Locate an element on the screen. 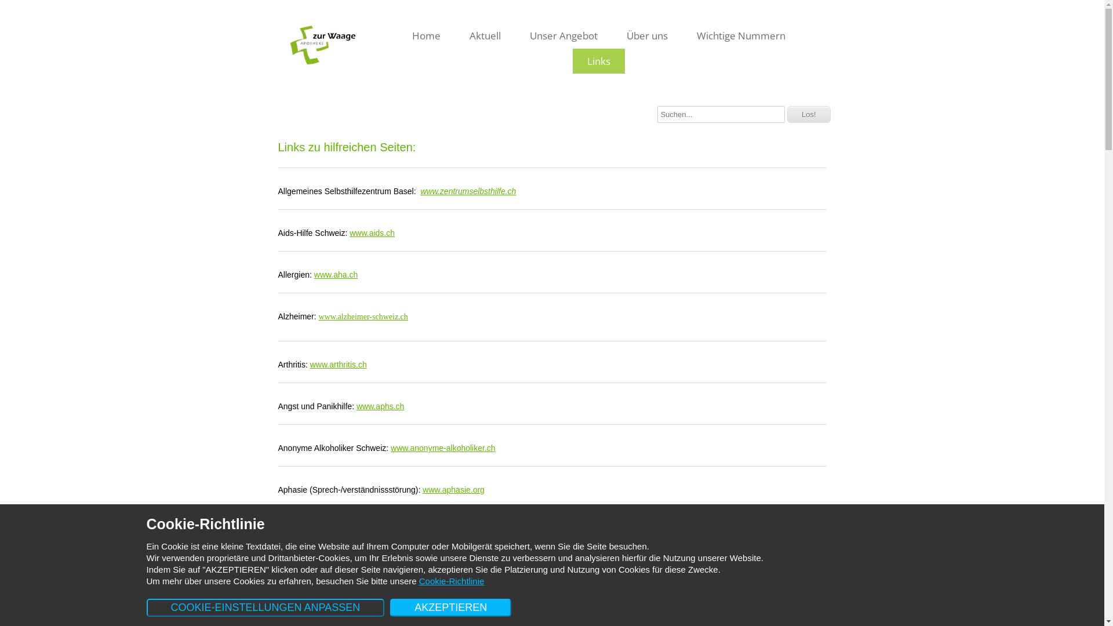 This screenshot has height=626, width=1113. 'www.aha.ch' is located at coordinates (314, 275).